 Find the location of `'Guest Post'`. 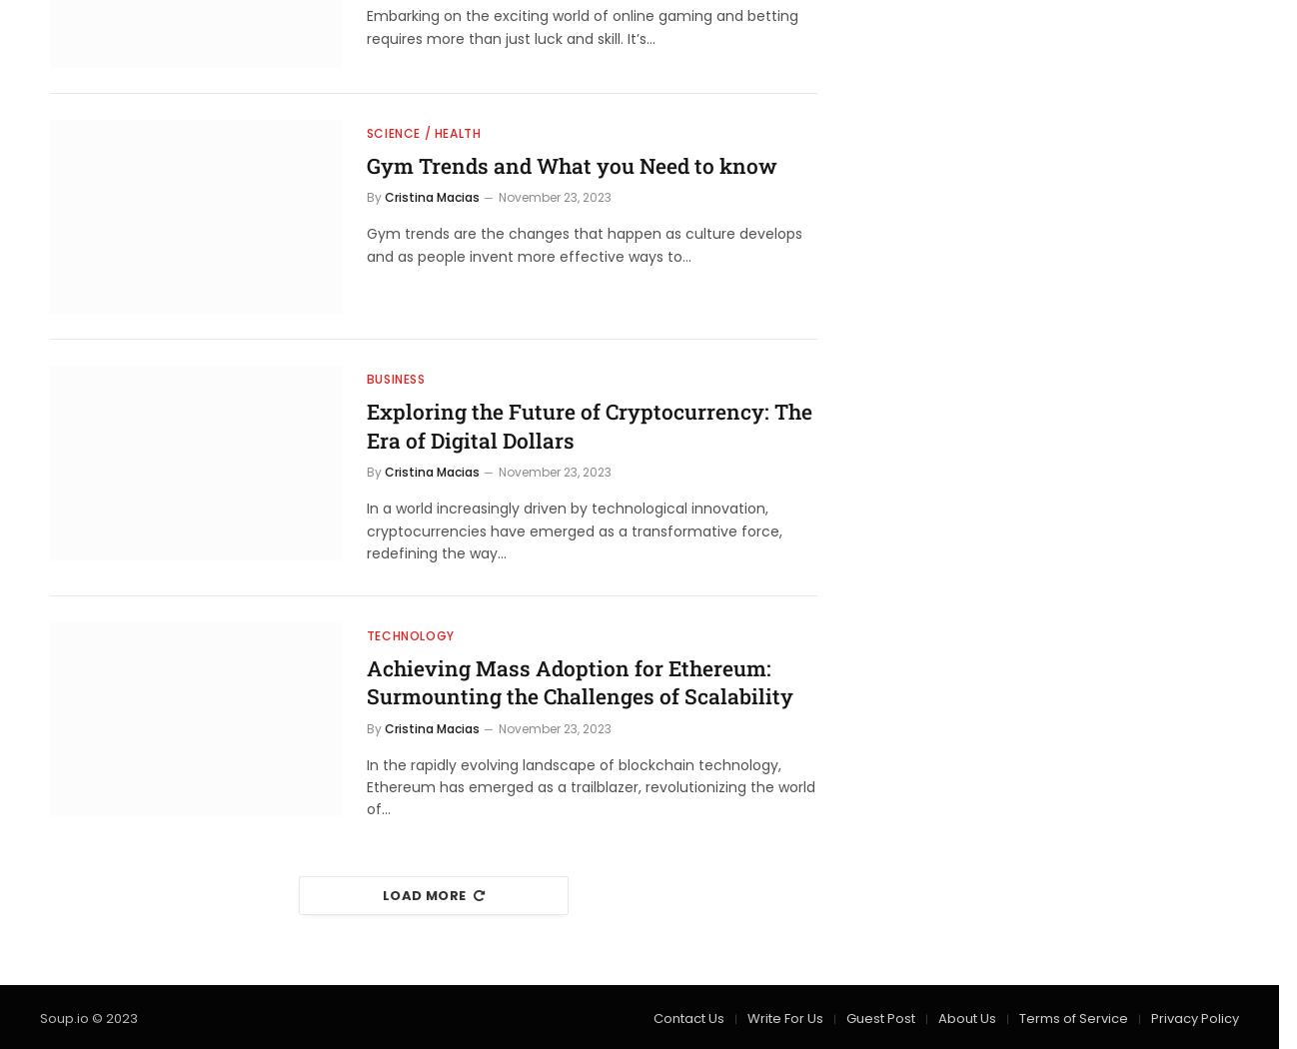

'Guest Post' is located at coordinates (880, 1016).